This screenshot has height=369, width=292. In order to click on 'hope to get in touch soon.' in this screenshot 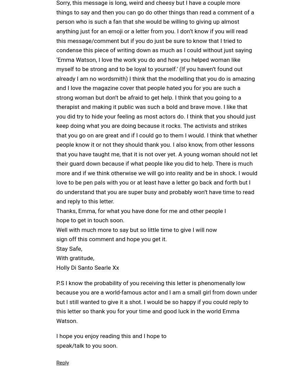, I will do `click(90, 220)`.